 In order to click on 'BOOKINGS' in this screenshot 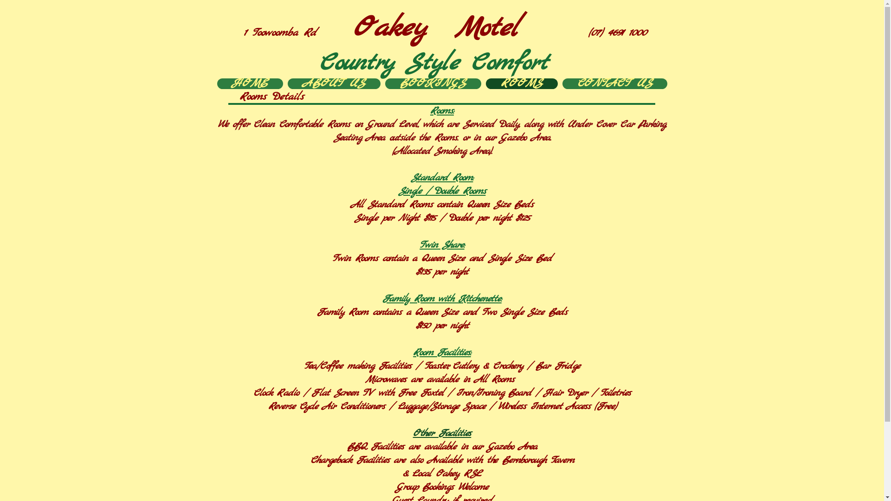, I will do `click(433, 83)`.